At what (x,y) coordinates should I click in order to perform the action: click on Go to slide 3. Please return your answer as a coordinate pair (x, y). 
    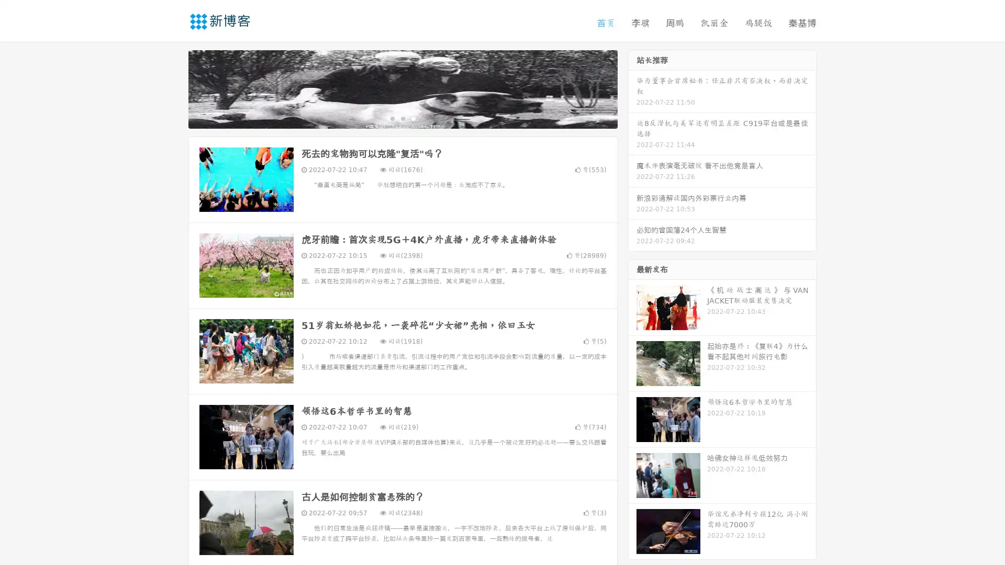
    Looking at the image, I should click on (413, 118).